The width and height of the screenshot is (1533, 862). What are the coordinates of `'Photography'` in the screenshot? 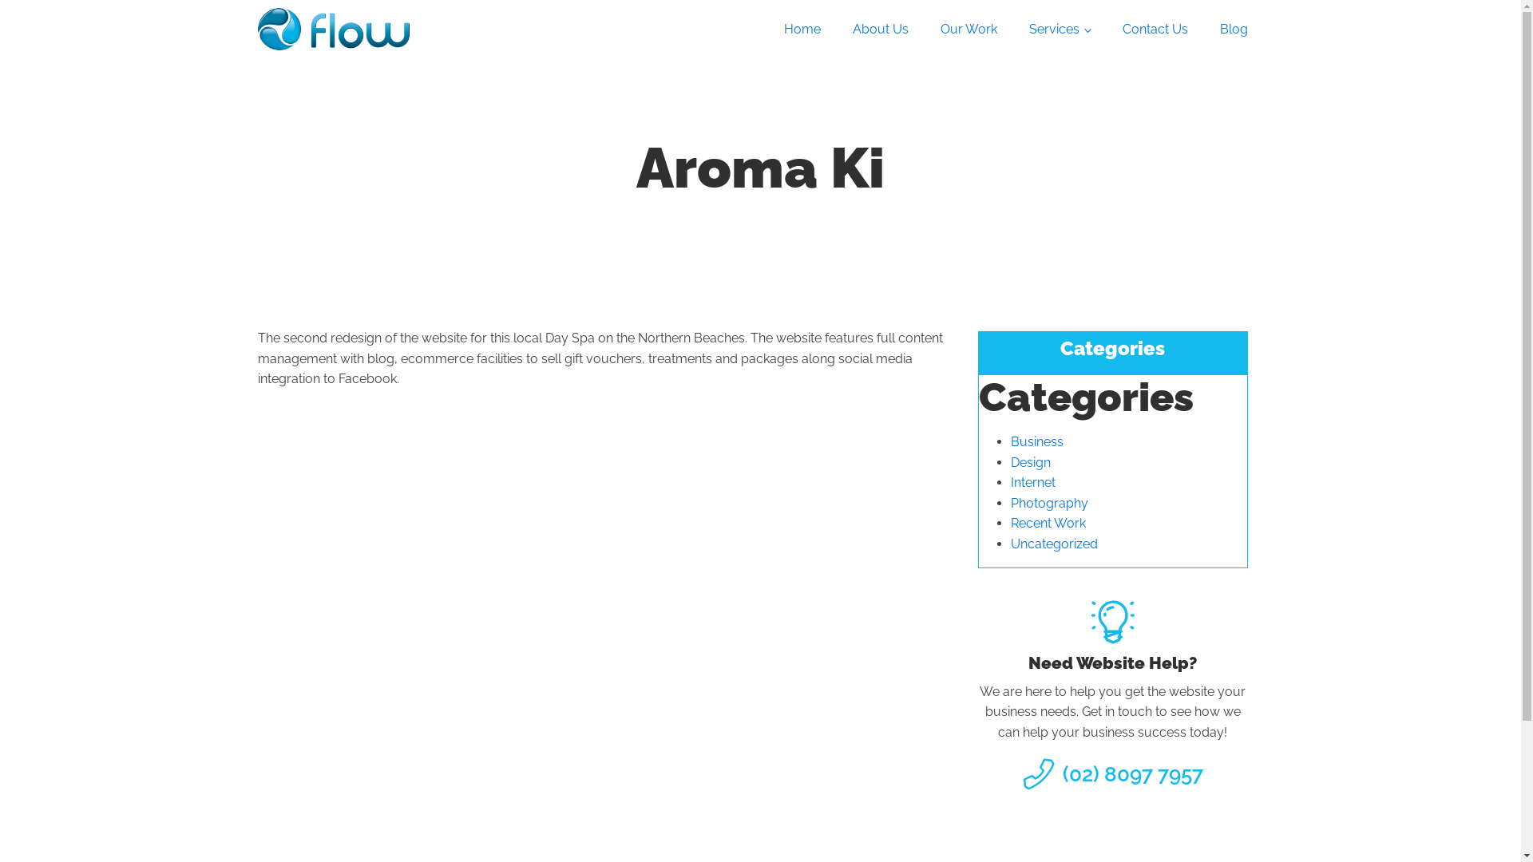 It's located at (1049, 503).